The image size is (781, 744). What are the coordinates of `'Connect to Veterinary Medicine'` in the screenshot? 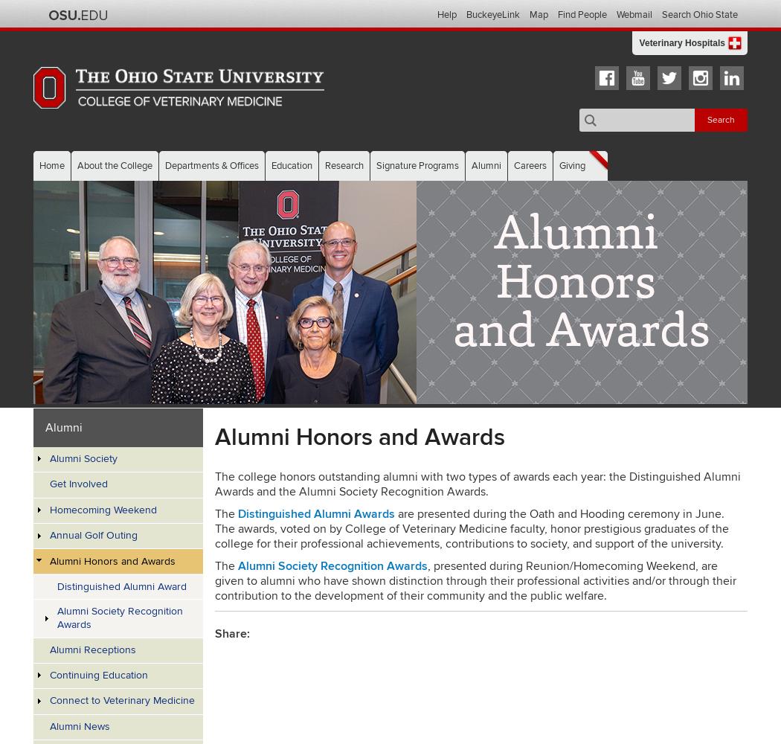 It's located at (48, 699).